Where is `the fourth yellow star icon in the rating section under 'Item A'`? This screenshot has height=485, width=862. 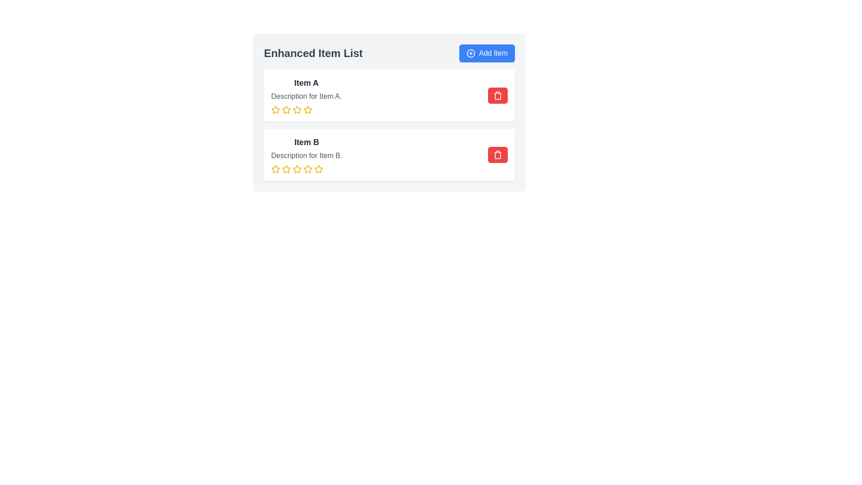 the fourth yellow star icon in the rating section under 'Item A' is located at coordinates (308, 109).